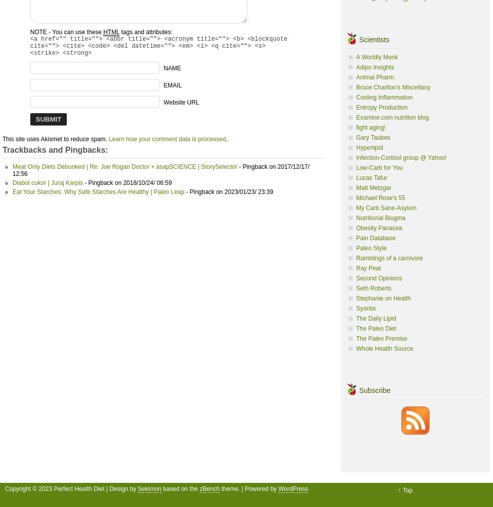  I want to click on 'Ramblings of a carnivore', so click(356, 257).